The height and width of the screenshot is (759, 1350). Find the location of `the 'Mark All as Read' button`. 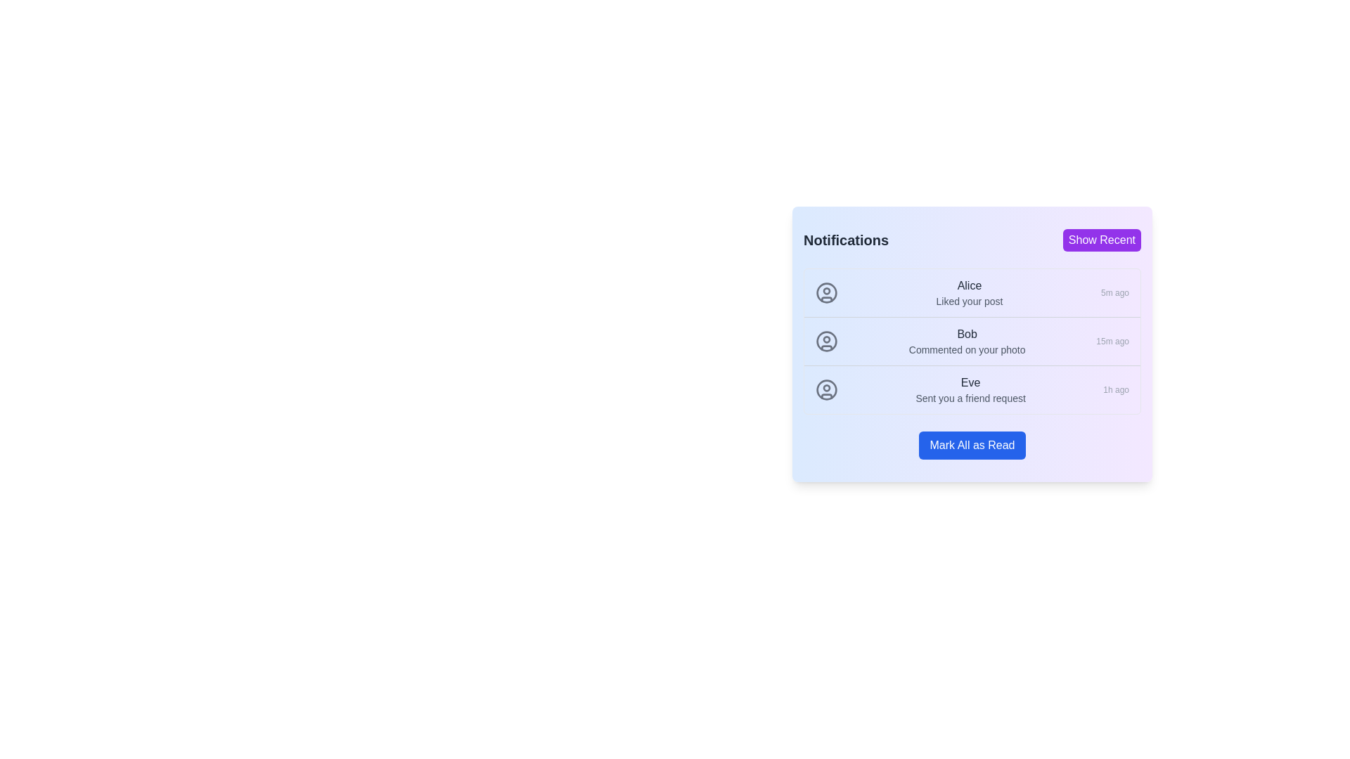

the 'Mark All as Read' button is located at coordinates (971, 445).